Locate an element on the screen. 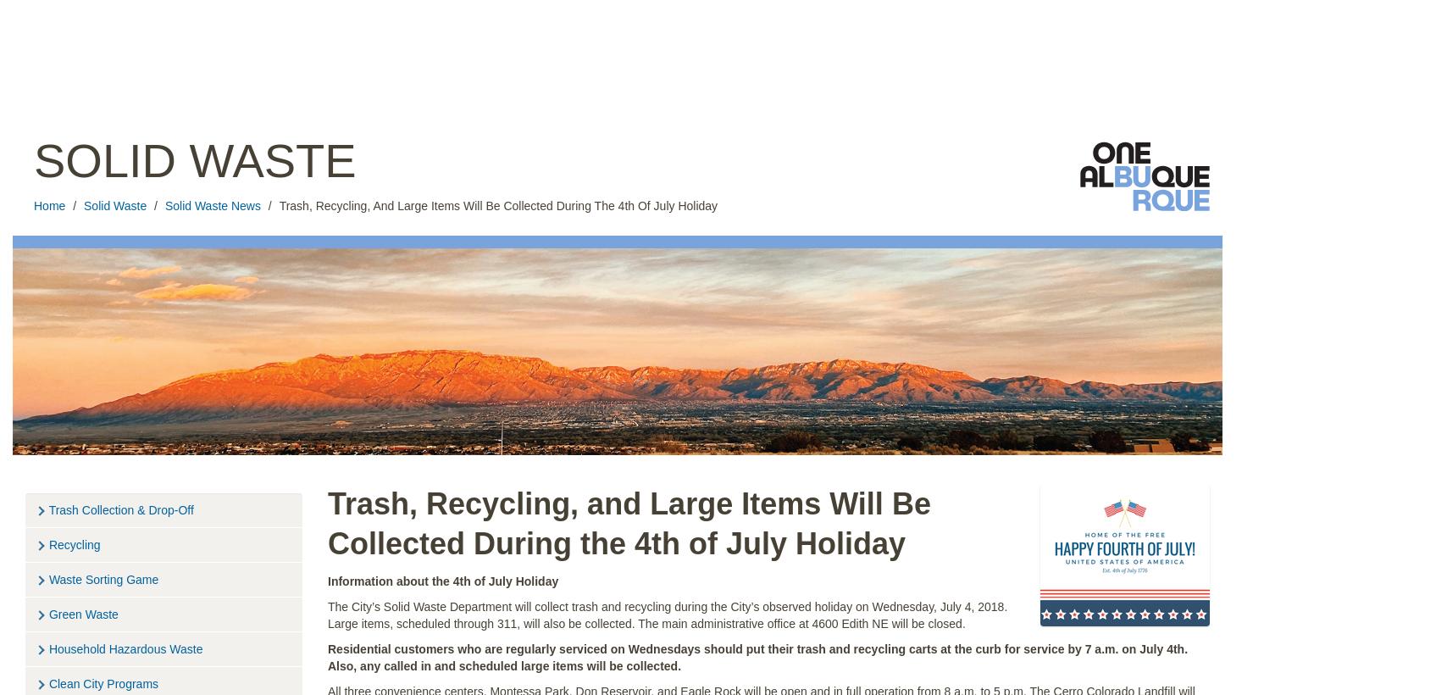 The height and width of the screenshot is (695, 1447). 'Household Hazardous Waste' is located at coordinates (45, 647).